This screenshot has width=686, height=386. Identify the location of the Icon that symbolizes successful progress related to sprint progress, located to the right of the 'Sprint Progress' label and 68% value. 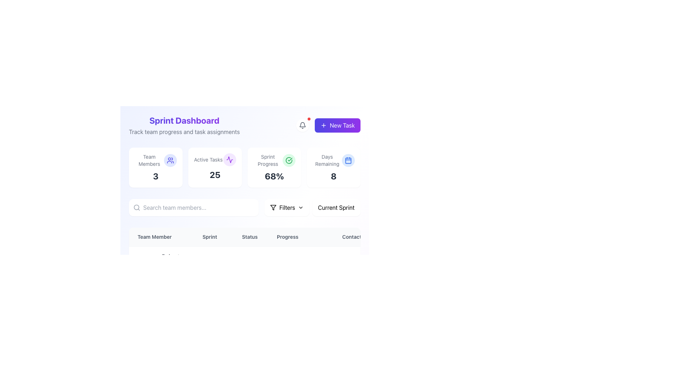
(289, 160).